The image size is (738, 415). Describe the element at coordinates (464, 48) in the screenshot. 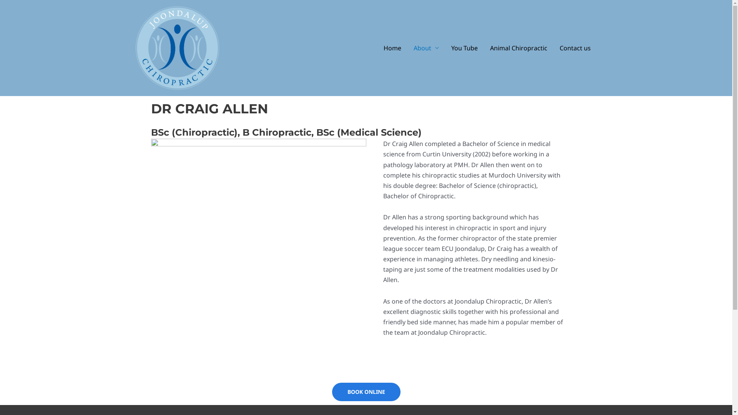

I see `'You Tube'` at that location.